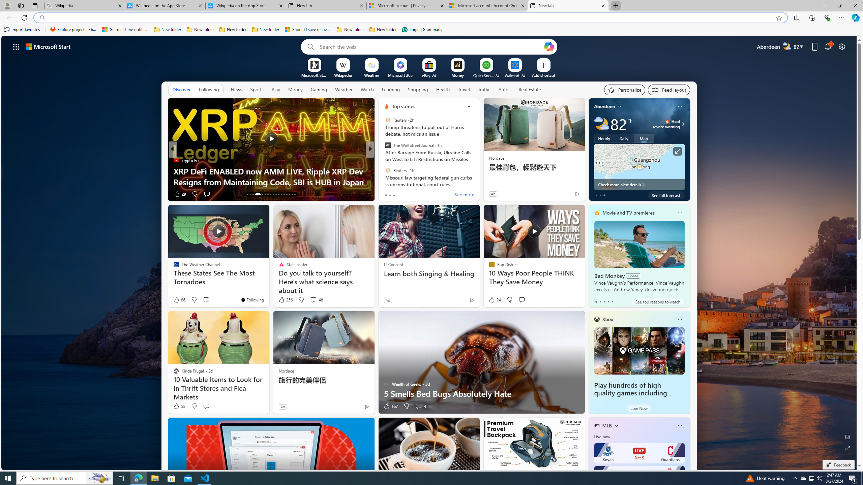 The height and width of the screenshot is (485, 863). I want to click on 'Open Copilot', so click(548, 46).